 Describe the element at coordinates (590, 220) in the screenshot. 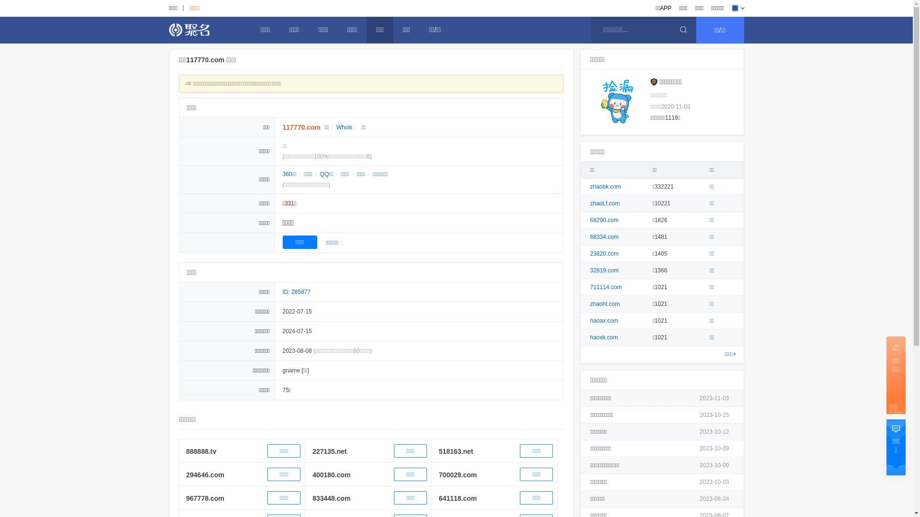

I see `'68290.com'` at that location.